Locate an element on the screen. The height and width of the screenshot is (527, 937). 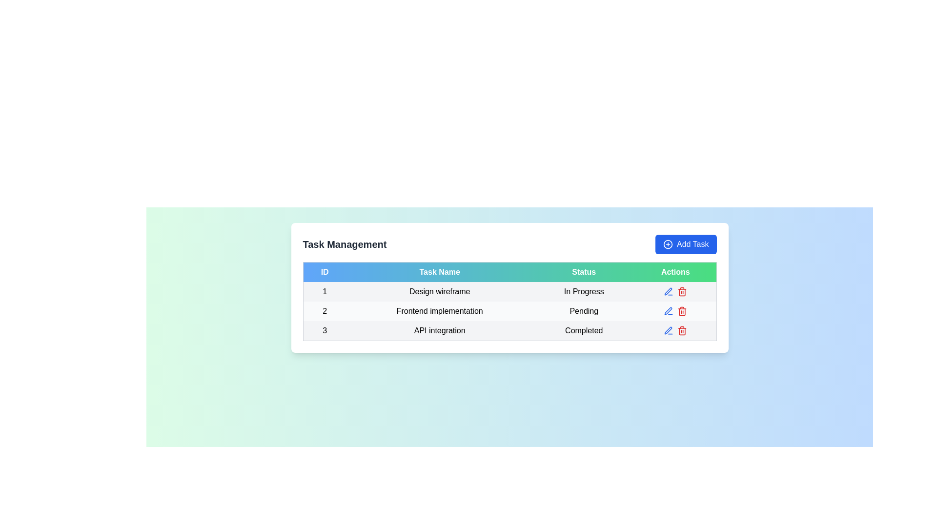
the SVG icon styled as a button component with an outlined circle containing a plus sign, located to the left of the text label within the 'Add Task' button in the top-right corner of the task management interface is located at coordinates (667, 244).